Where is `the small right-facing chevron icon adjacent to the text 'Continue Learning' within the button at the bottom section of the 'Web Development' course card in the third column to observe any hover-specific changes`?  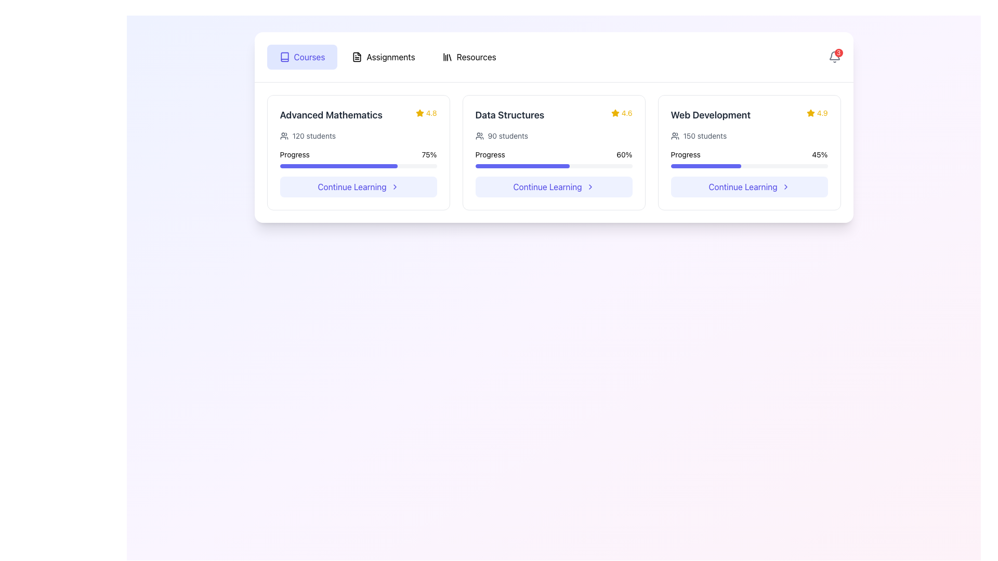 the small right-facing chevron icon adjacent to the text 'Continue Learning' within the button at the bottom section of the 'Web Development' course card in the third column to observe any hover-specific changes is located at coordinates (785, 186).